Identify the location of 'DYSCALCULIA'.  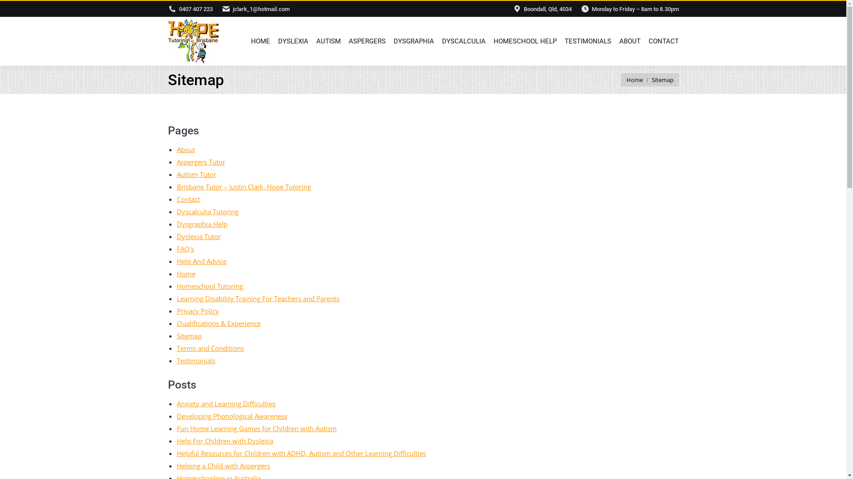
(461, 41).